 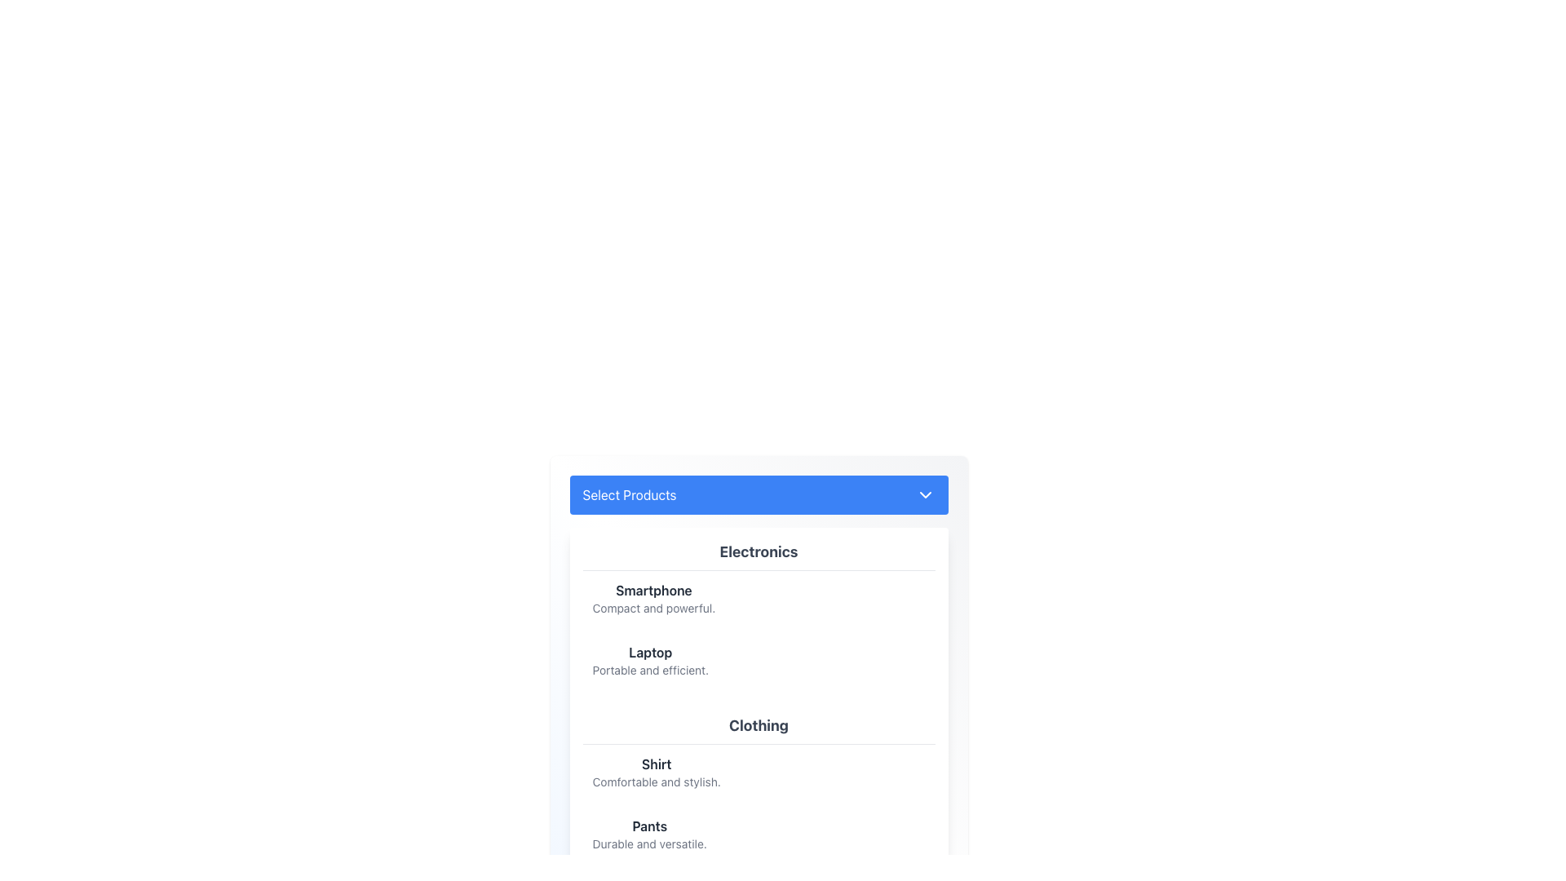 I want to click on the text label that reads 'Comfortable and stylish.' located below the 'Shirt' label in the 'Clothing' section, so click(x=657, y=781).